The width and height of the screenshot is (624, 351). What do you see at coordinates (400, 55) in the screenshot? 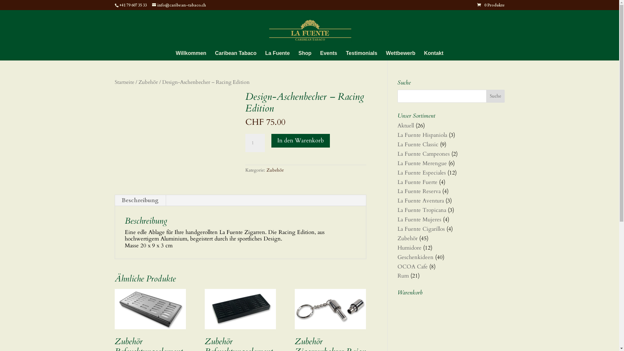
I see `'Wettbewerb'` at bounding box center [400, 55].